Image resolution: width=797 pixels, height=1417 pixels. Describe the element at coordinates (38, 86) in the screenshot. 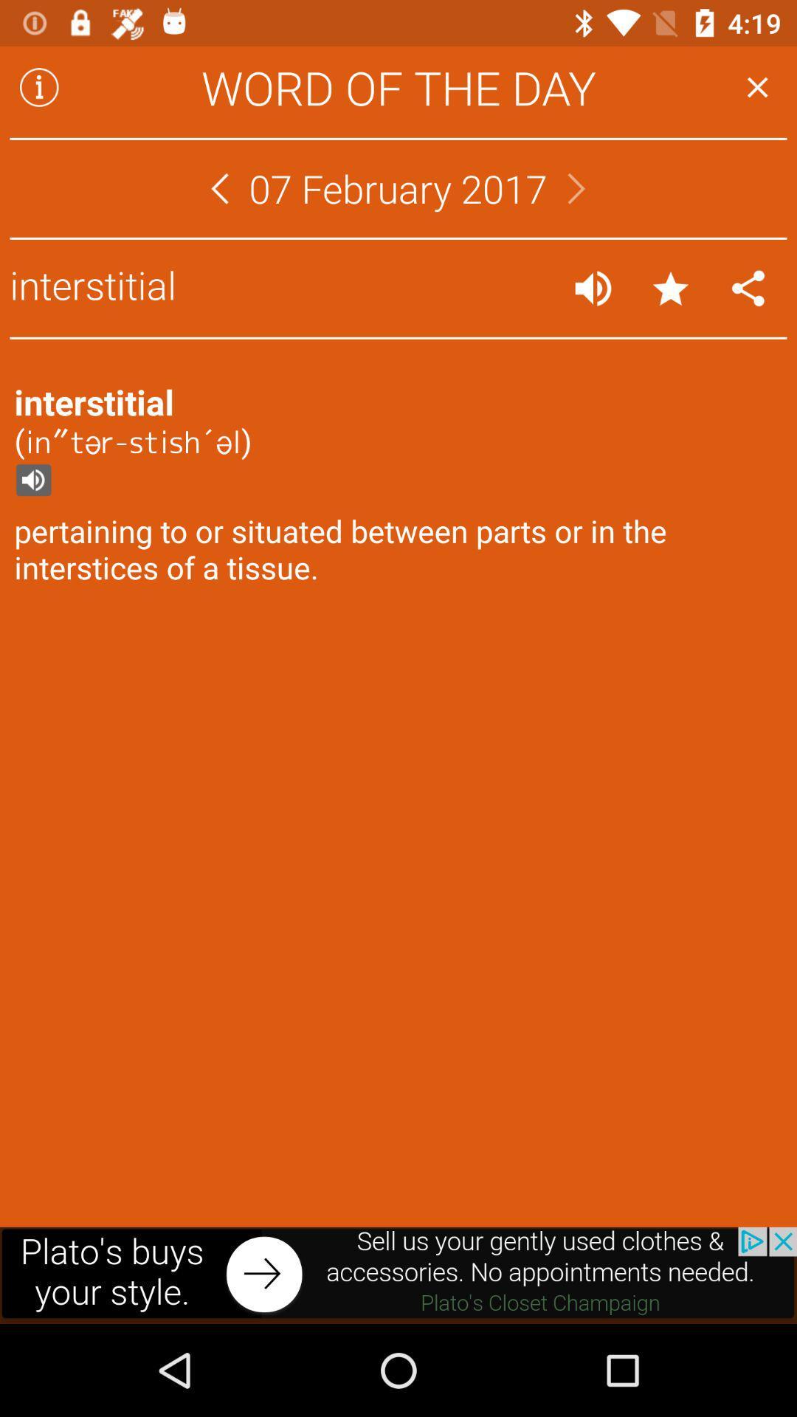

I see `details book` at that location.